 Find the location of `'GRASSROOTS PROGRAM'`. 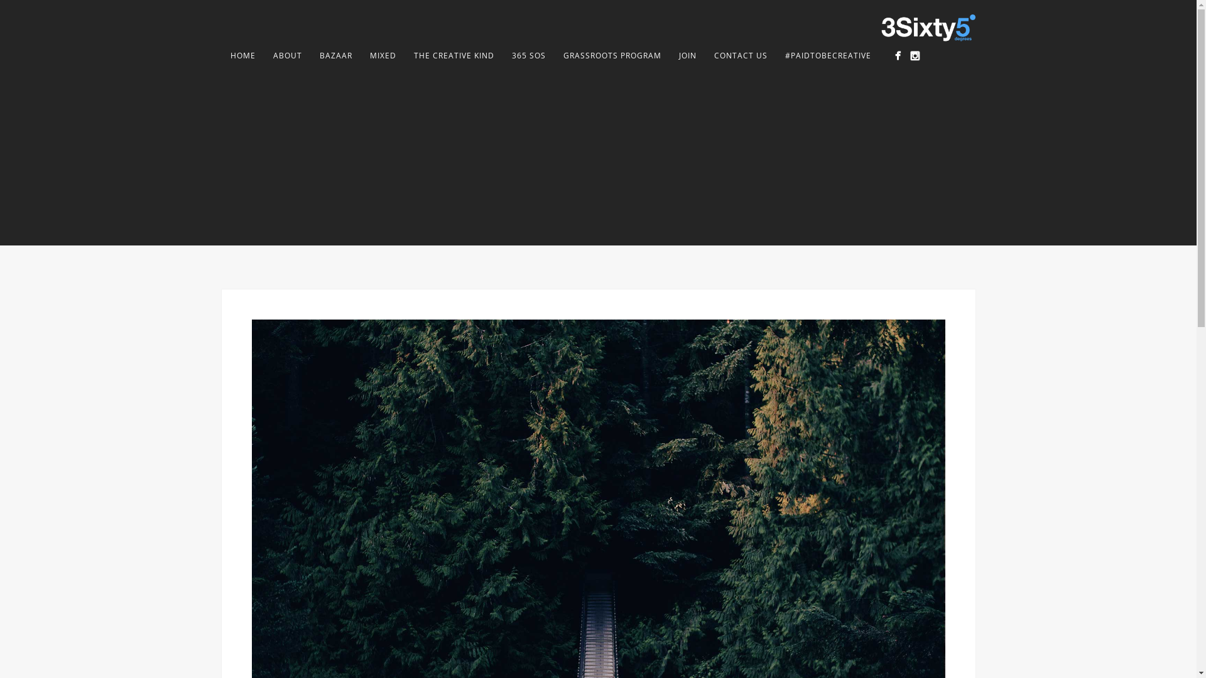

'GRASSROOTS PROGRAM' is located at coordinates (612, 55).